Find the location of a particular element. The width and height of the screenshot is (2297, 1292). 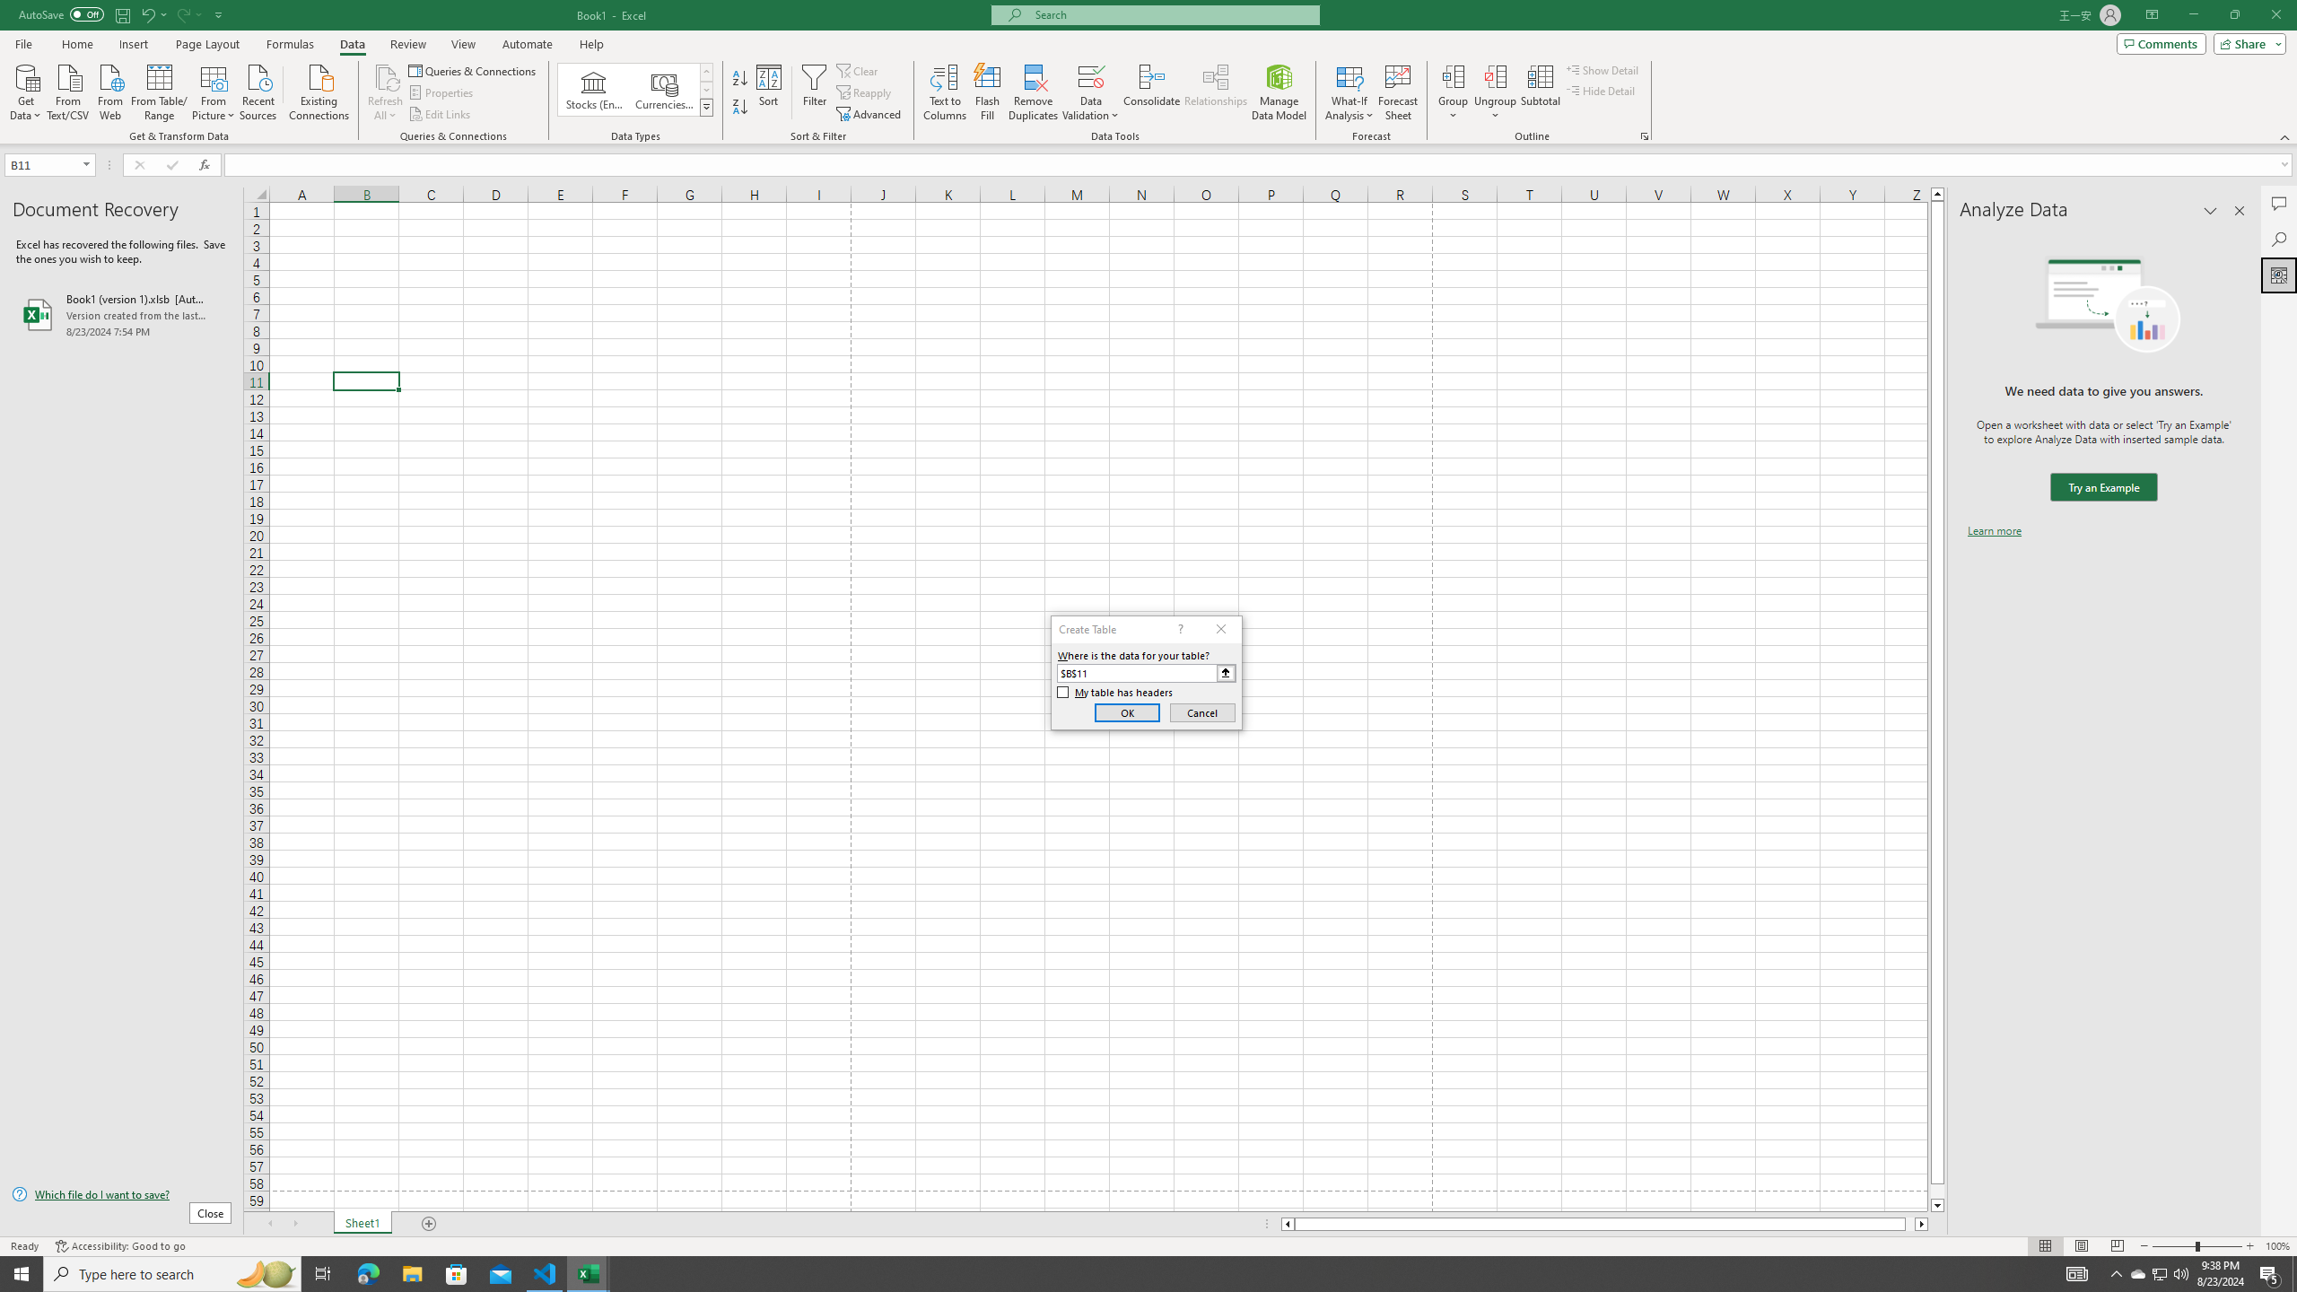

'Filter' is located at coordinates (813, 92).